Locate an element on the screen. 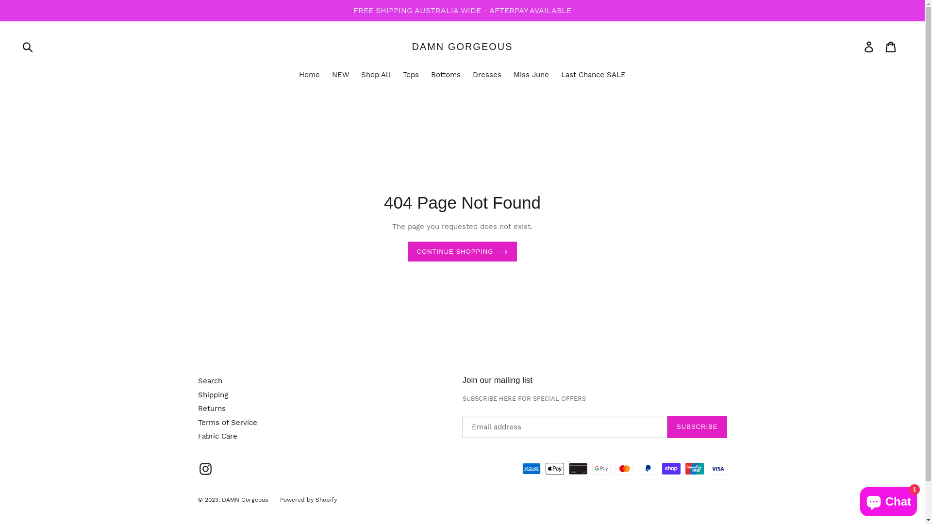 The image size is (932, 524). 'Terms of Service' is located at coordinates (227, 422).